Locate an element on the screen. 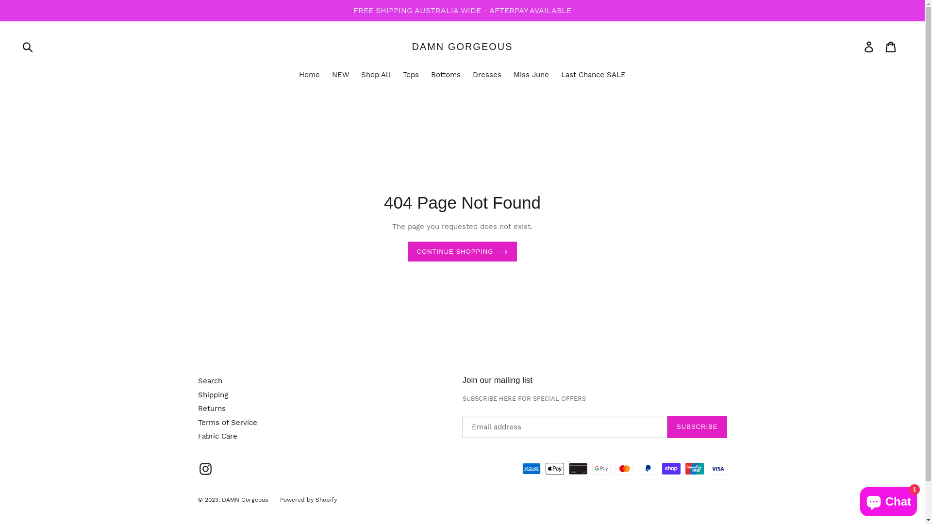 The image size is (932, 524). 'Terms of Service' is located at coordinates (227, 422).